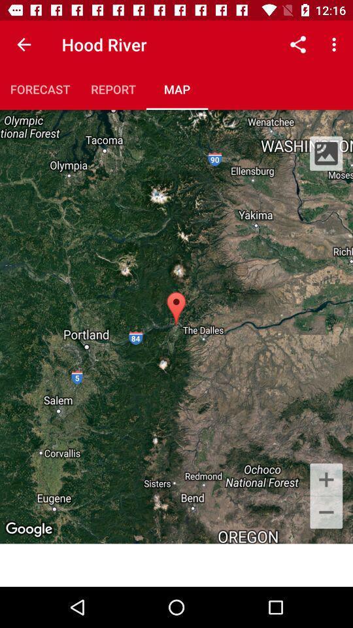 This screenshot has width=353, height=628. I want to click on icon next to the hood river icon, so click(24, 44).